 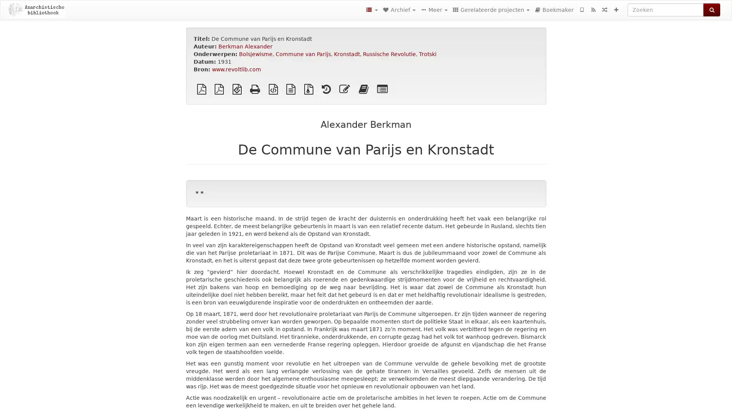 I want to click on Zoeken, so click(x=711, y=10).